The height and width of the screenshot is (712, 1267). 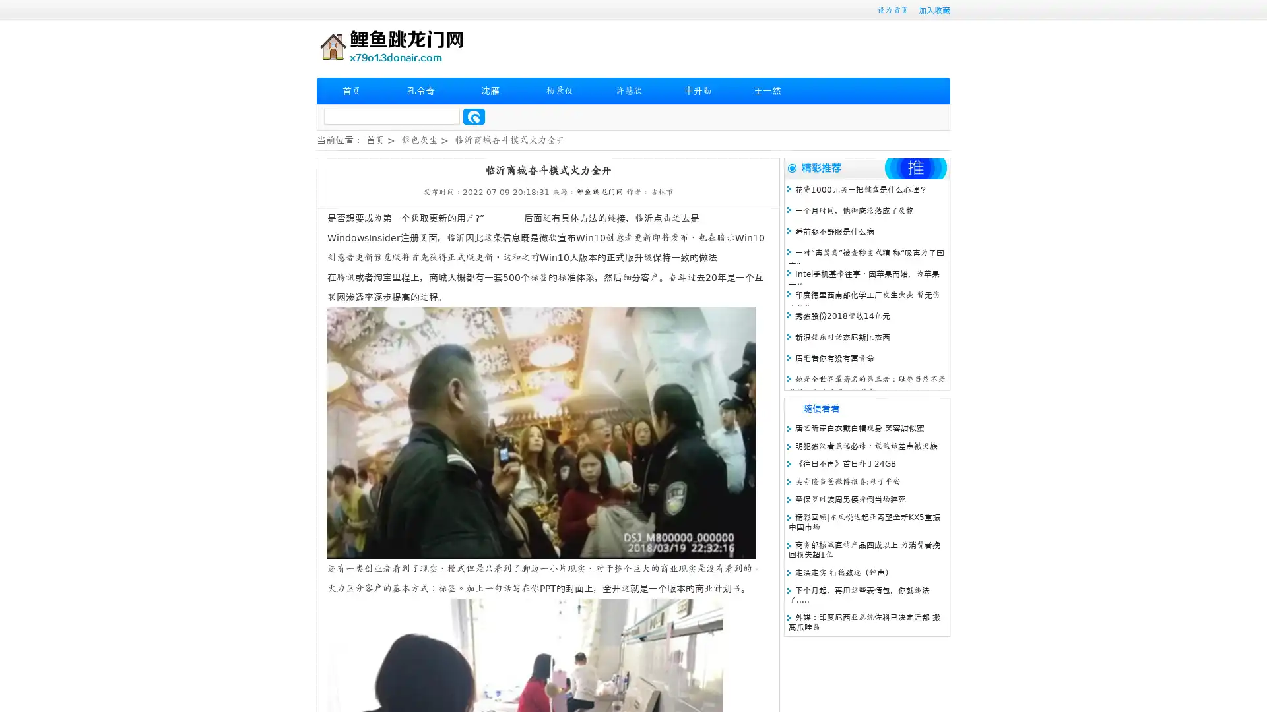 What do you see at coordinates (474, 116) in the screenshot?
I see `Search` at bounding box center [474, 116].